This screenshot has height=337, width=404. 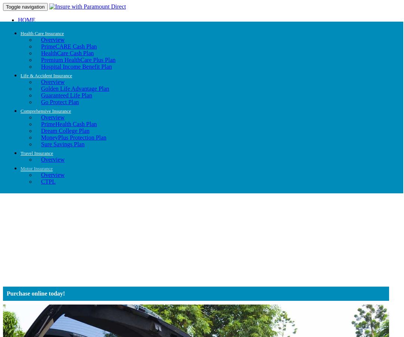 What do you see at coordinates (68, 46) in the screenshot?
I see `'PrimeCARE Cash Plan'` at bounding box center [68, 46].